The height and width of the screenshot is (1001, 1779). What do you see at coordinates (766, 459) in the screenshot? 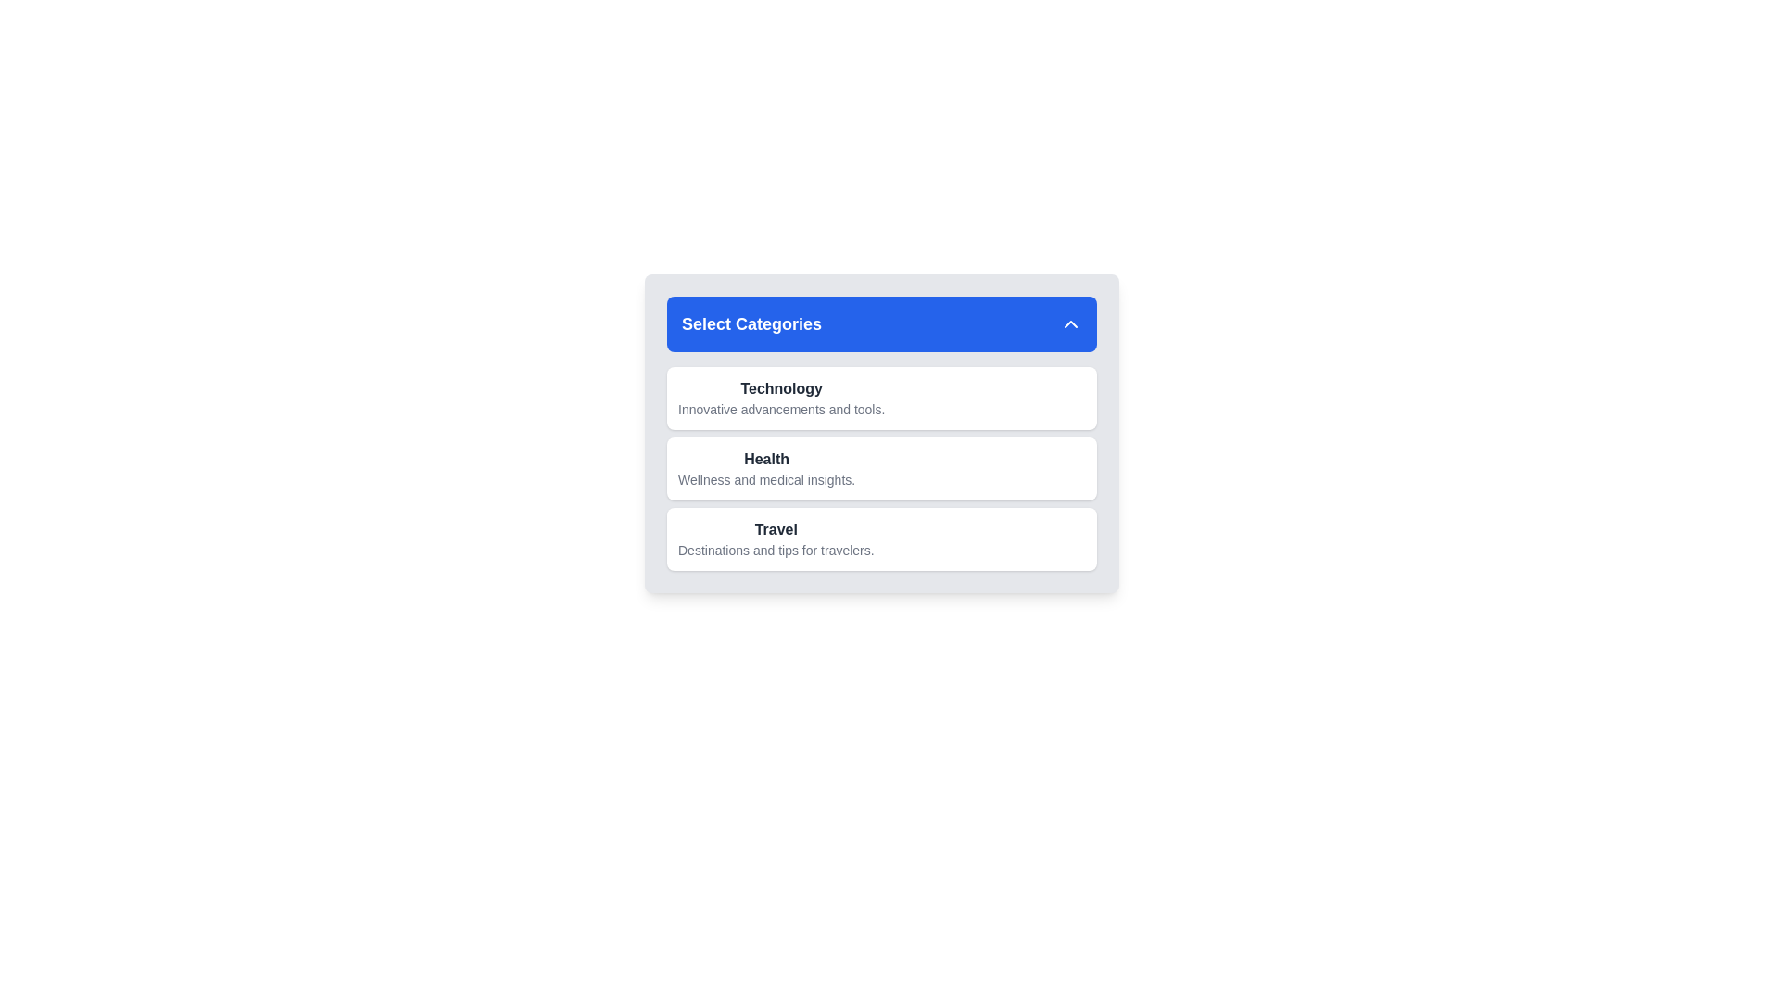
I see `the static text element displaying 'Health', which is the second item in the vertical list of categories located below 'Technology' and above 'Travel'` at bounding box center [766, 459].